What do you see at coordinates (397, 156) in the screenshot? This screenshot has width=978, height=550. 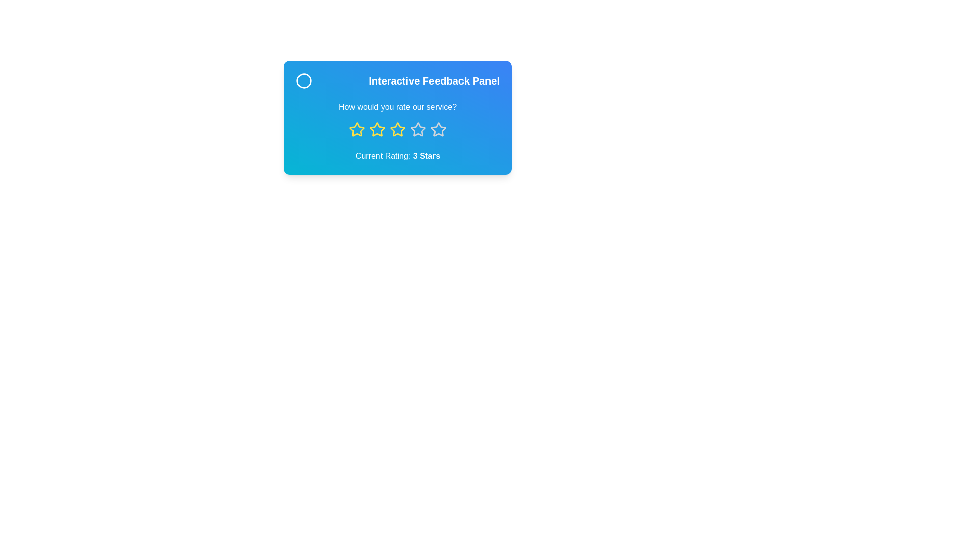 I see `the Text label displaying the current rating selection located at the bottom center of the 'Interactive Feedback Panel' card, beneath the star icons` at bounding box center [397, 156].